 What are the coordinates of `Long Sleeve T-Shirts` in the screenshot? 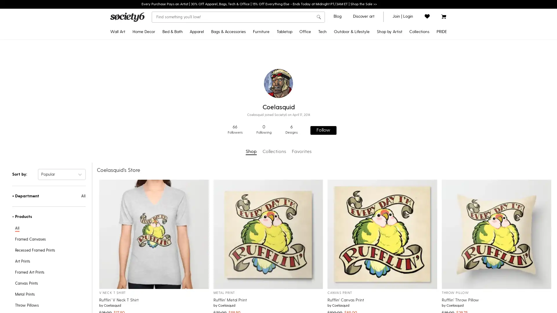 It's located at (215, 74).